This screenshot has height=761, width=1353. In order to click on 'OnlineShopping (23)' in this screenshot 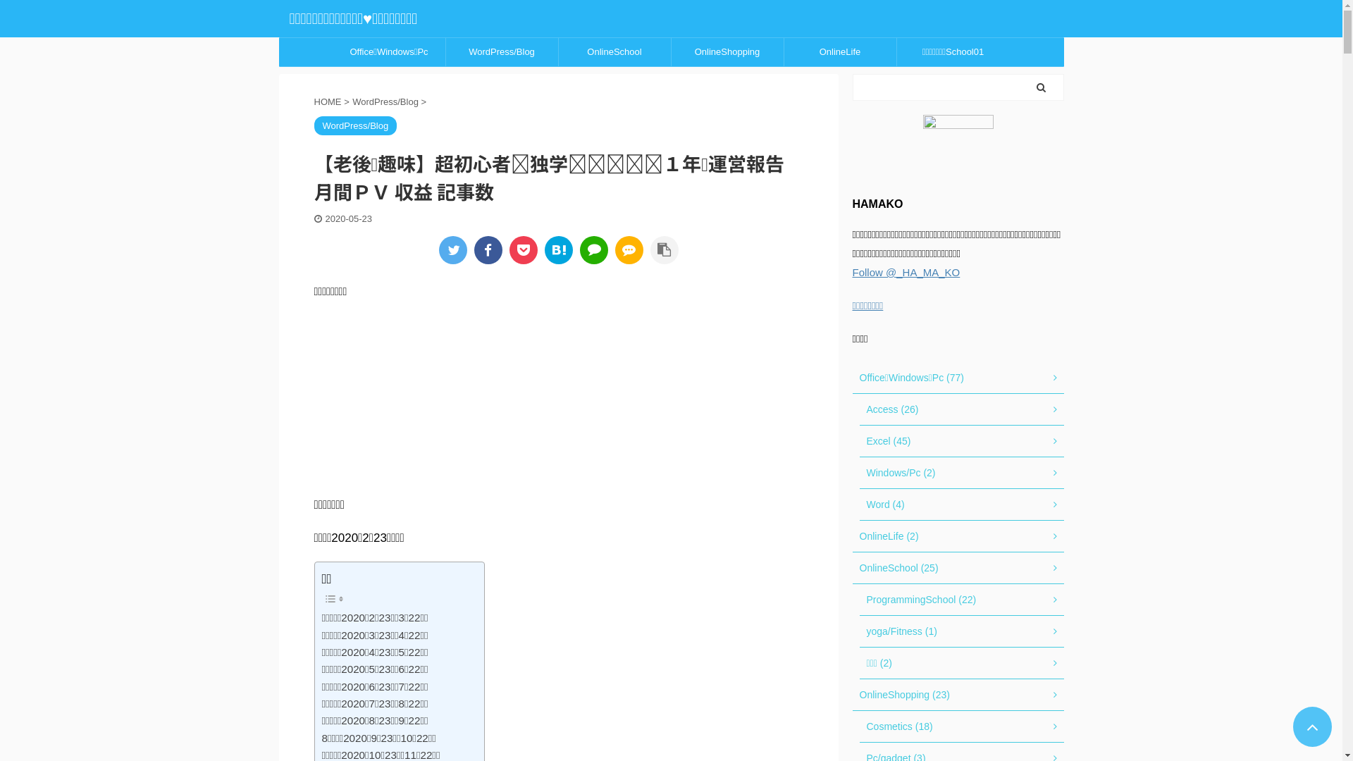, I will do `click(958, 694)`.